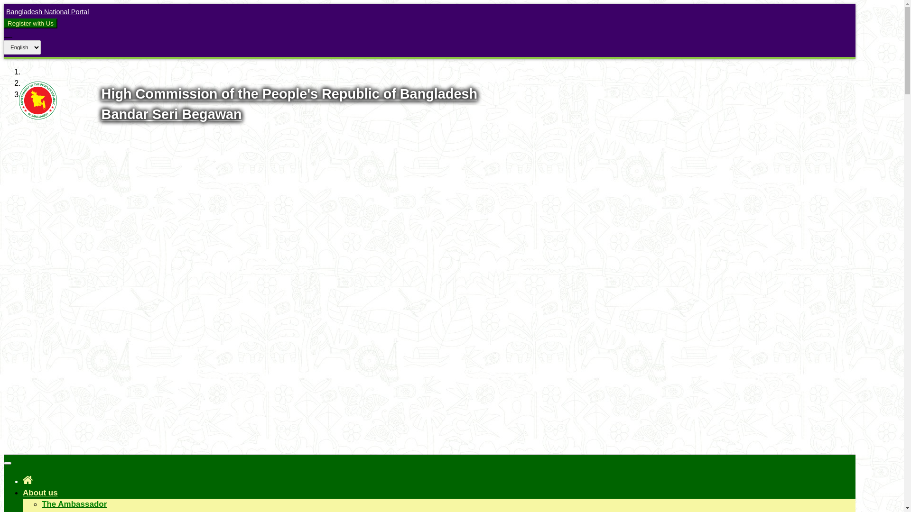 This screenshot has height=512, width=911. What do you see at coordinates (28, 480) in the screenshot?
I see `'Home'` at bounding box center [28, 480].